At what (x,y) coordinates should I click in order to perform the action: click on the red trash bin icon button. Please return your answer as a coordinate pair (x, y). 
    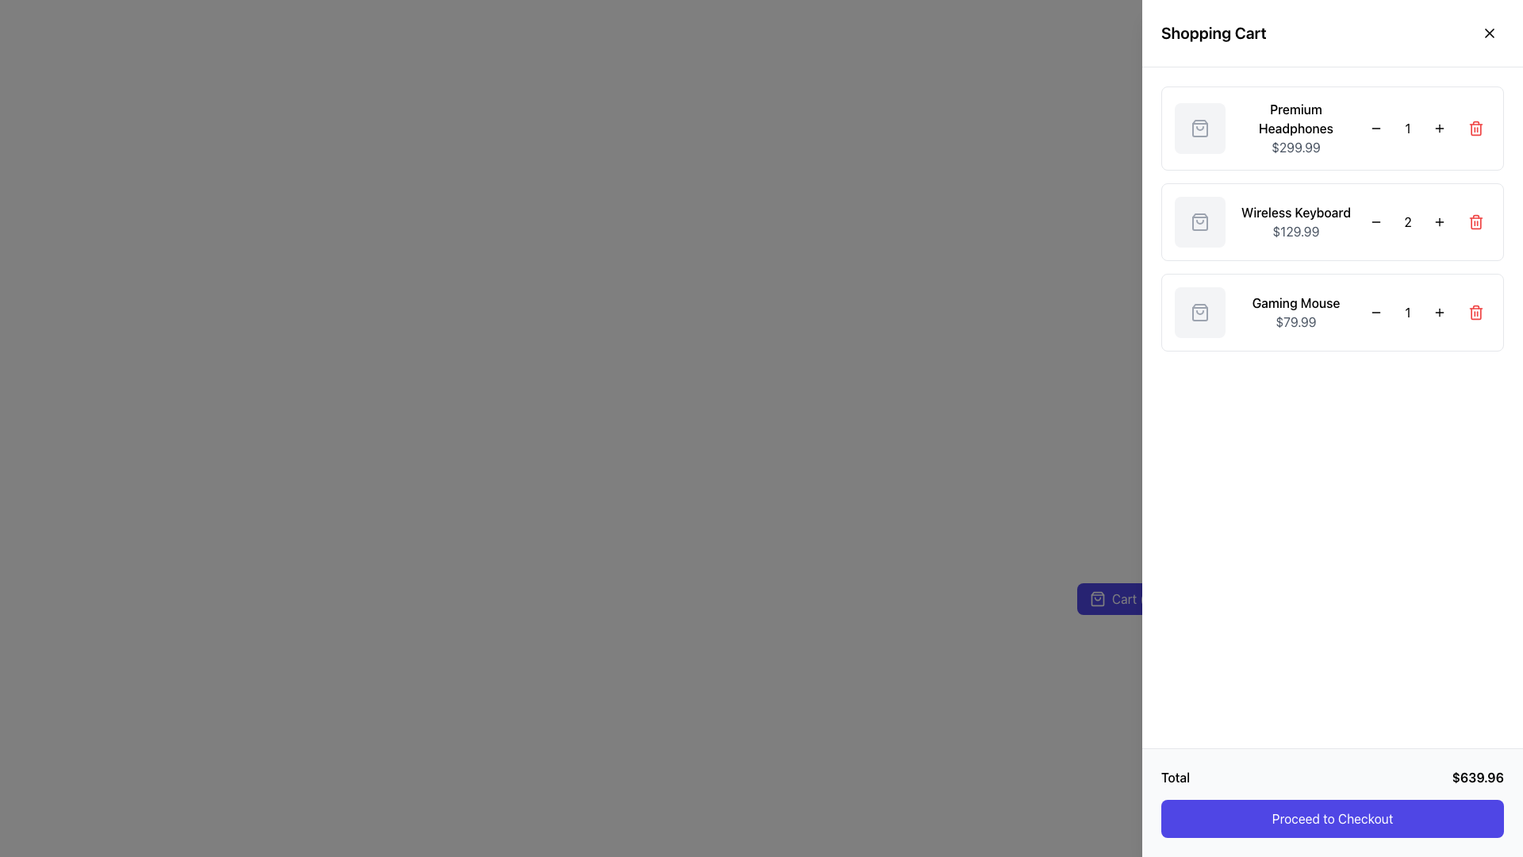
    Looking at the image, I should click on (1475, 128).